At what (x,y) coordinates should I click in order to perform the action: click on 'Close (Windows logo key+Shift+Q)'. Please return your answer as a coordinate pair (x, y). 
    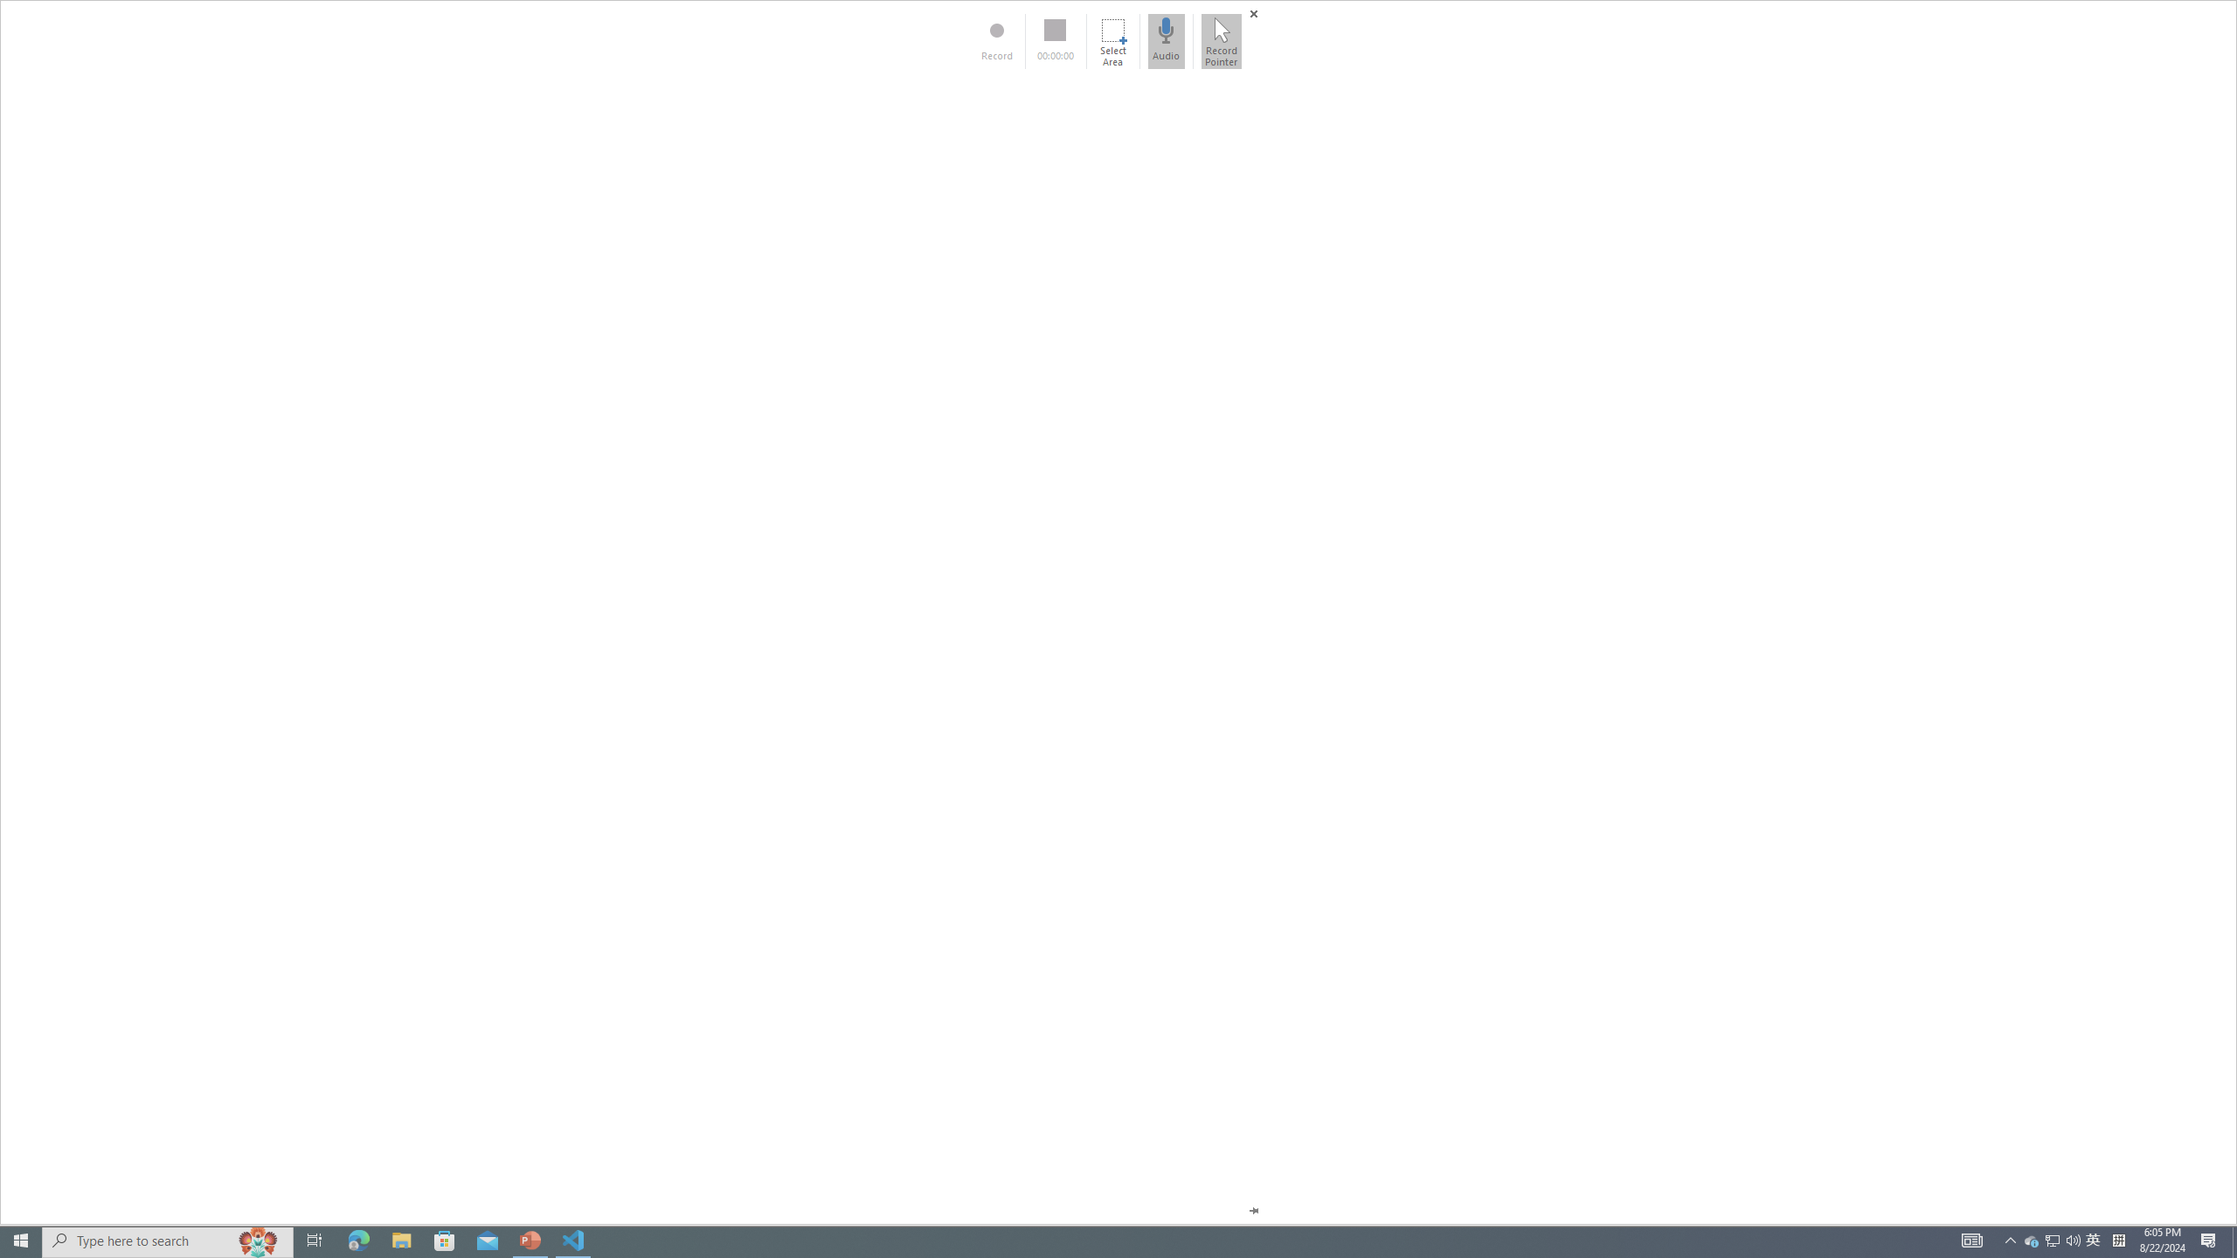
    Looking at the image, I should click on (1253, 13).